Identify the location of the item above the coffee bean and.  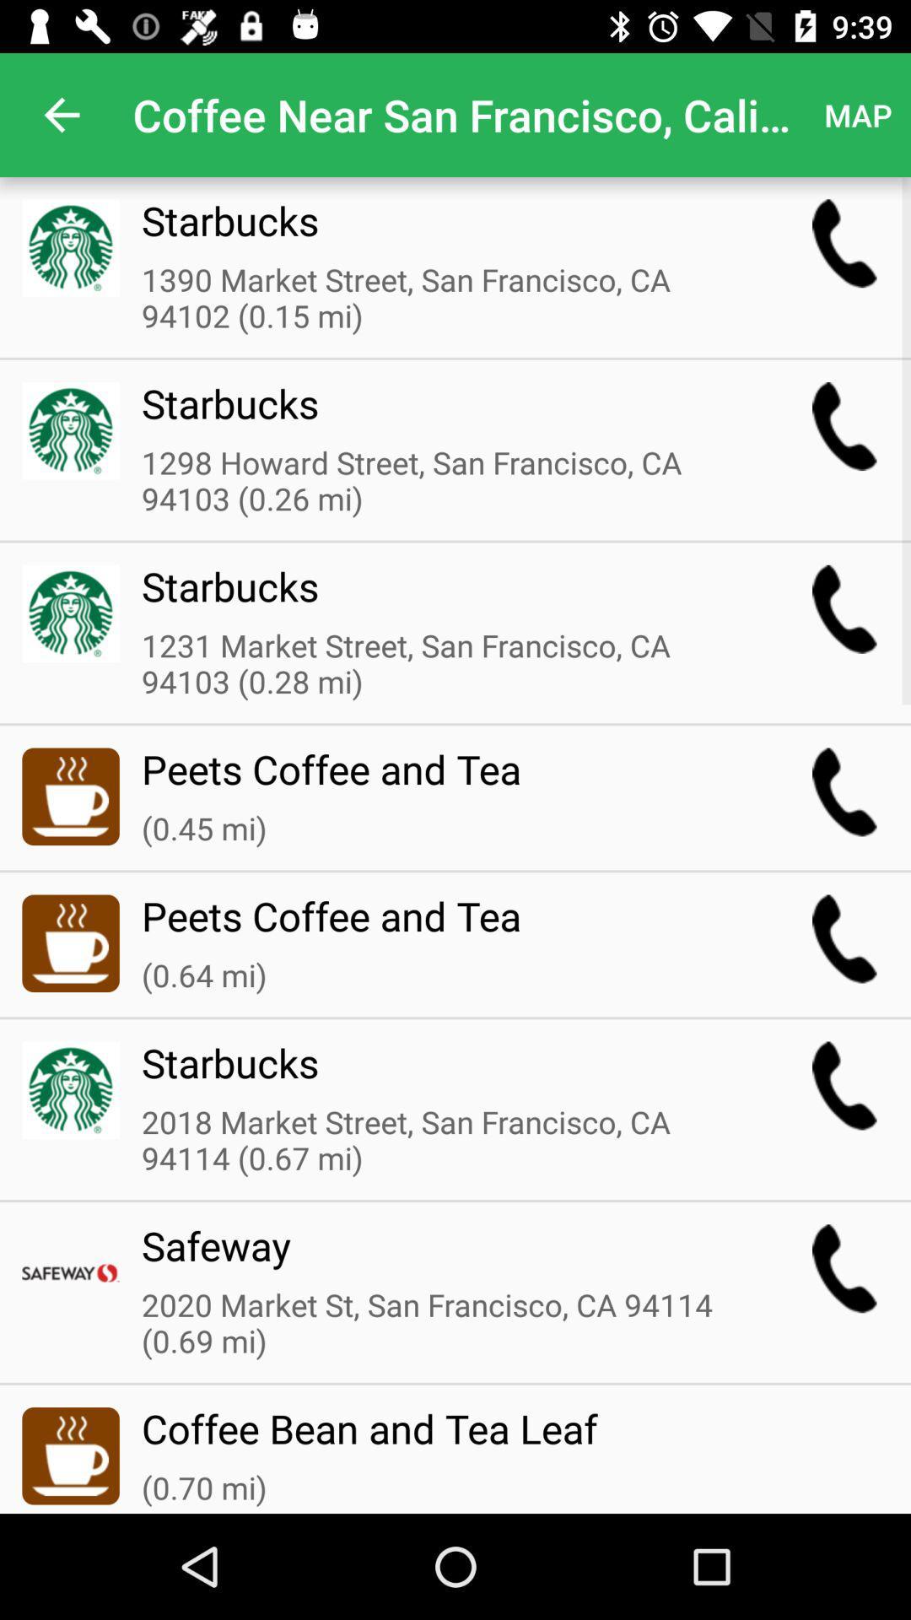
(442, 1323).